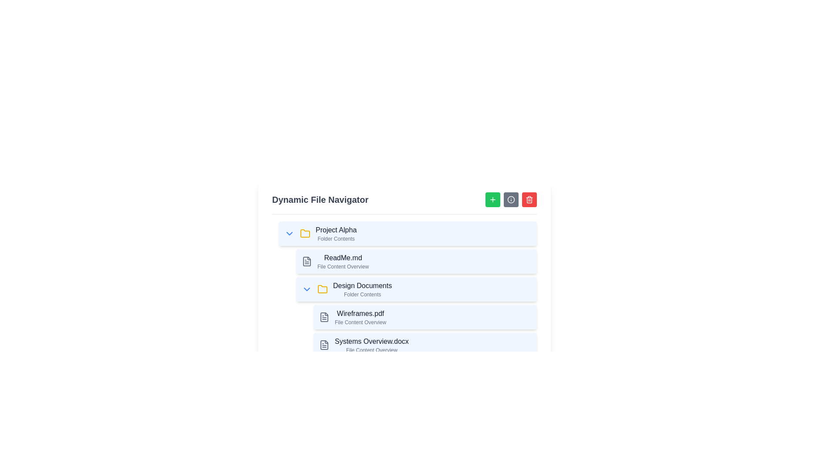  Describe the element at coordinates (324, 345) in the screenshot. I see `the document file icon for 'Systems Overview.docx', which serves as a visual cue to recognize it among other files` at that location.